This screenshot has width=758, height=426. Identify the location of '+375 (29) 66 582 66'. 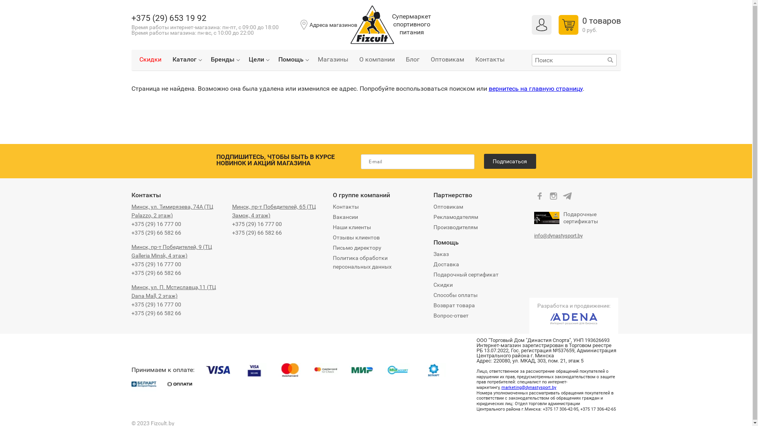
(156, 232).